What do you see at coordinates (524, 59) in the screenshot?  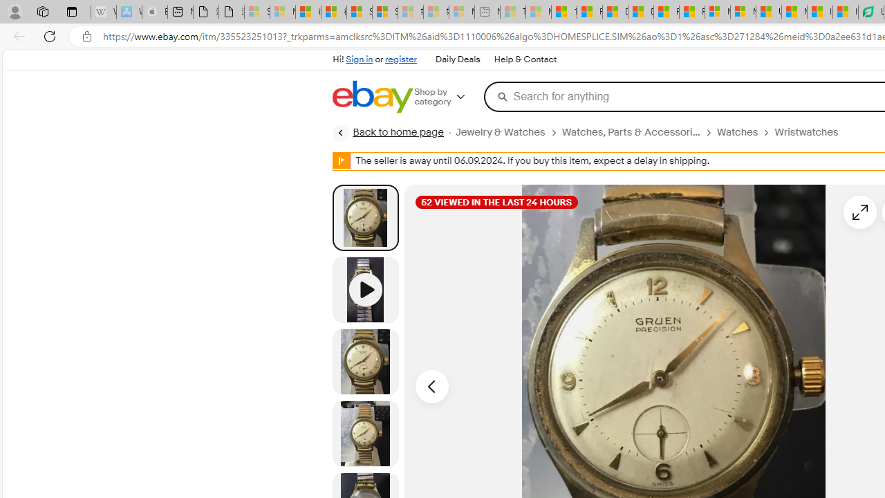 I see `'Help & Contact'` at bounding box center [524, 59].